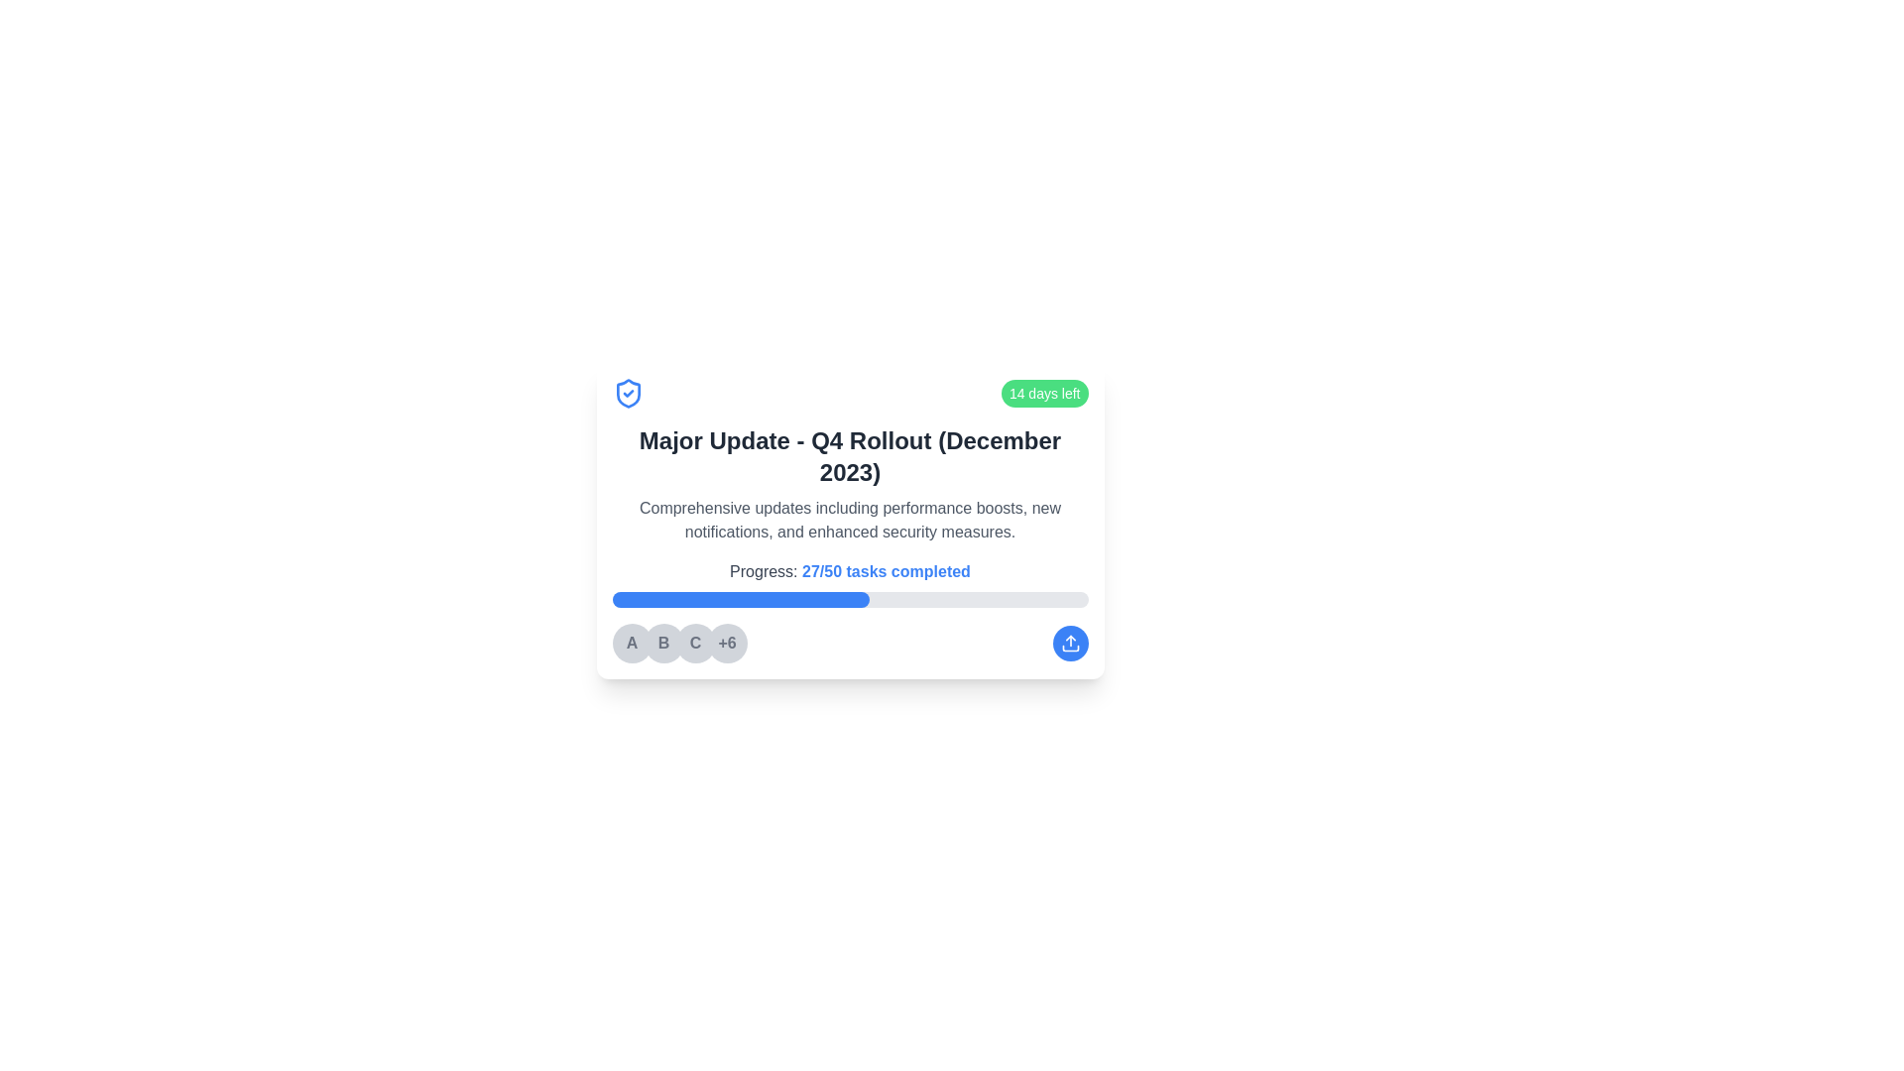 Image resolution: width=1904 pixels, height=1071 pixels. What do you see at coordinates (1069, 643) in the screenshot?
I see `the circular button with a bright blue background and a white upload icon, located at the far right end of the horizontal layout containing user avatars` at bounding box center [1069, 643].